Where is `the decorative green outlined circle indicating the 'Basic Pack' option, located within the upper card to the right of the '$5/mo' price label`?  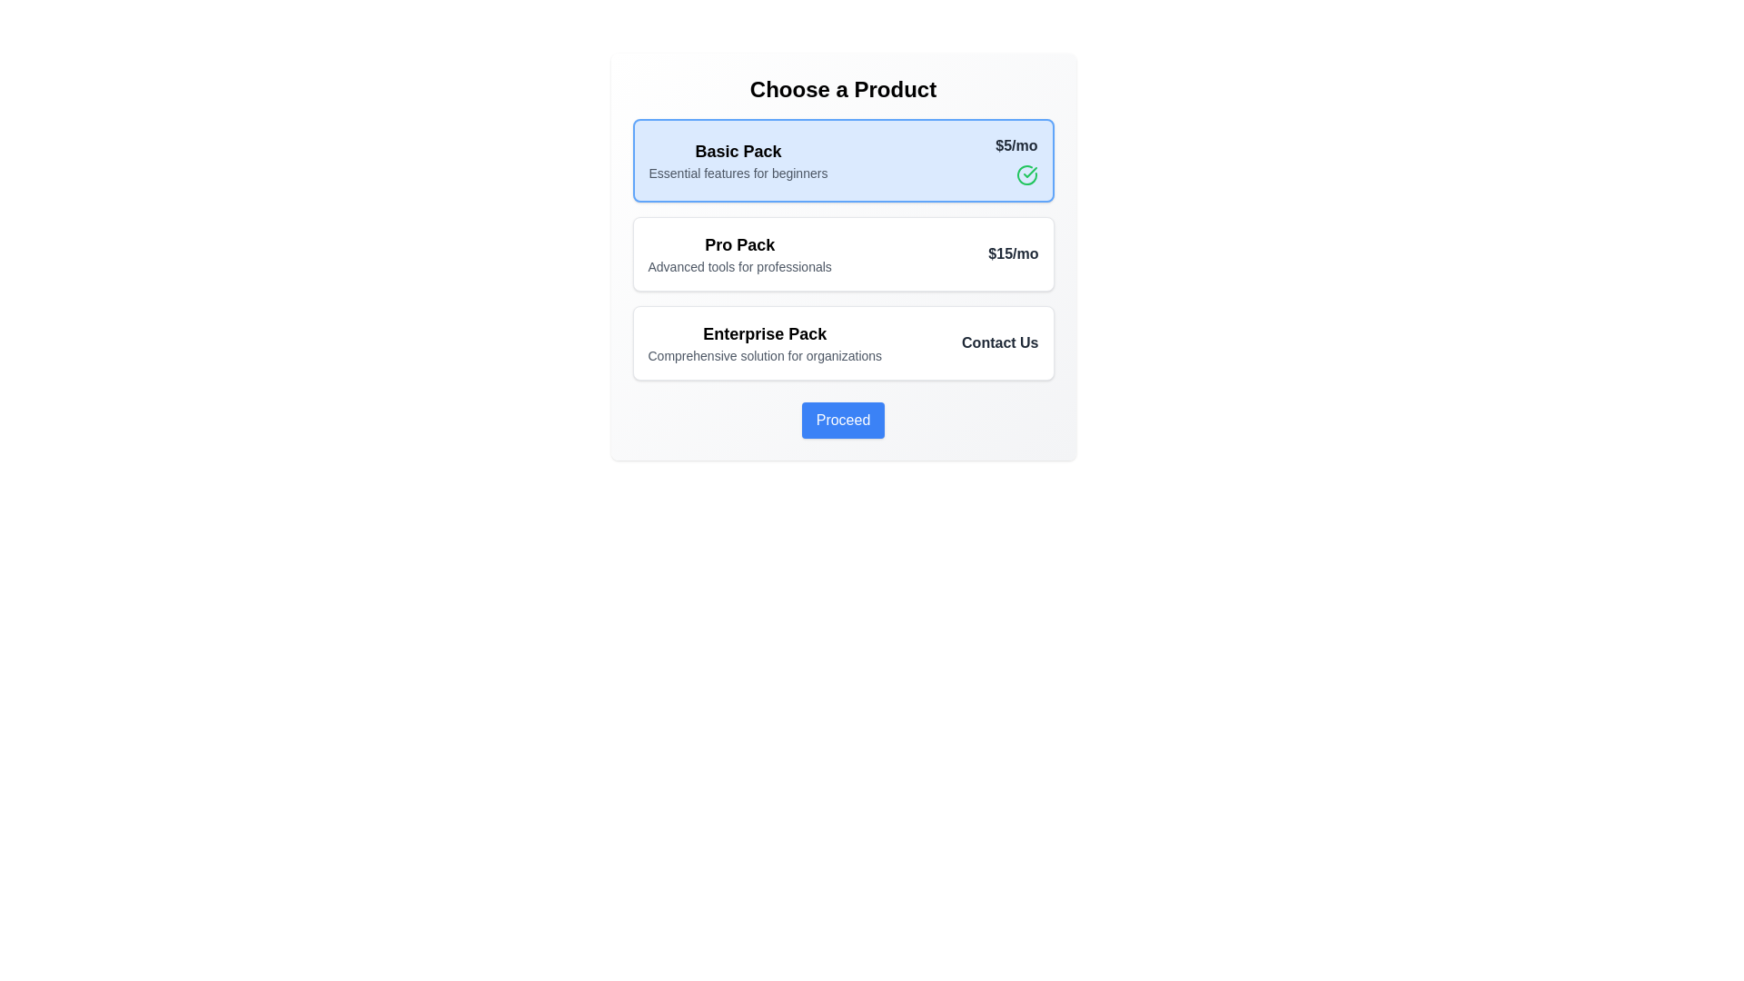
the decorative green outlined circle indicating the 'Basic Pack' option, located within the upper card to the right of the '$5/mo' price label is located at coordinates (1026, 174).